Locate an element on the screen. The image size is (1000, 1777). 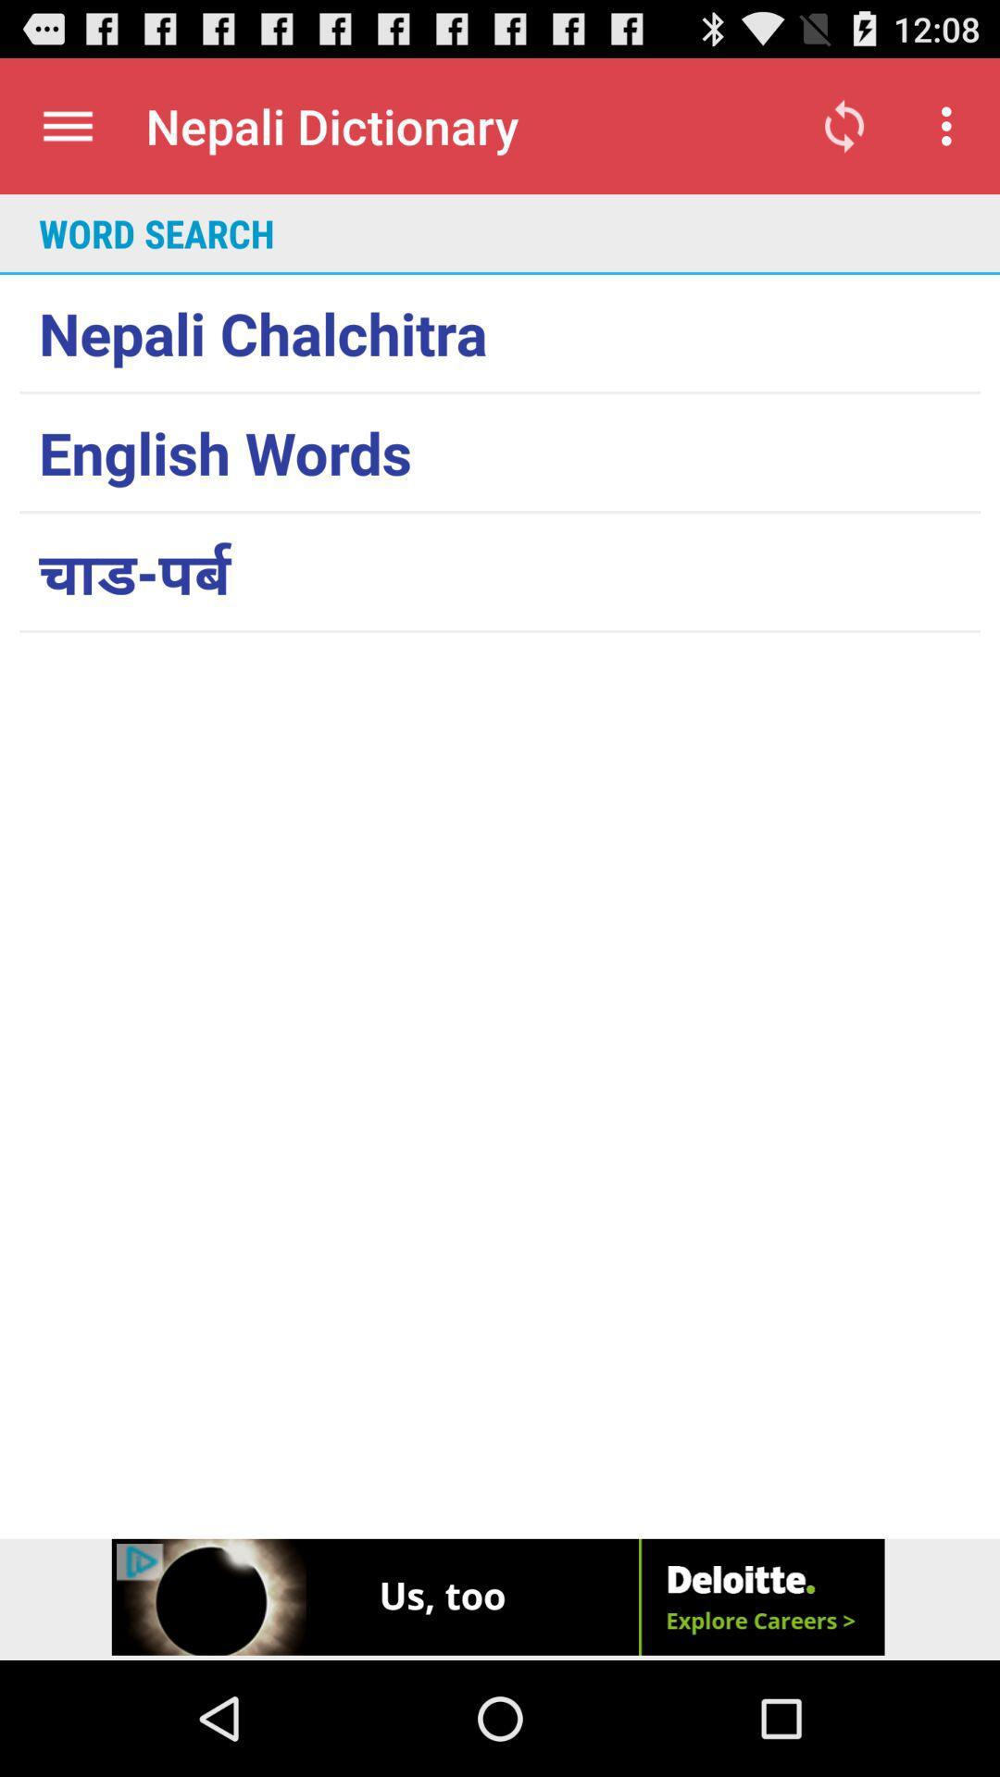
advertiser site is located at coordinates (500, 1598).